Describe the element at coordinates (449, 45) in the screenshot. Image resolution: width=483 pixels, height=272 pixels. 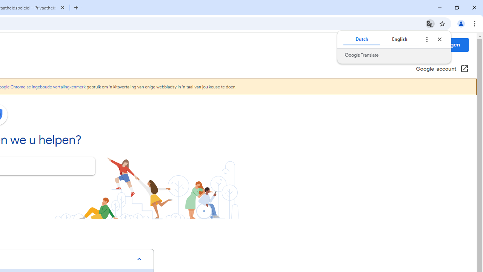
I see `'Inloggen'` at that location.